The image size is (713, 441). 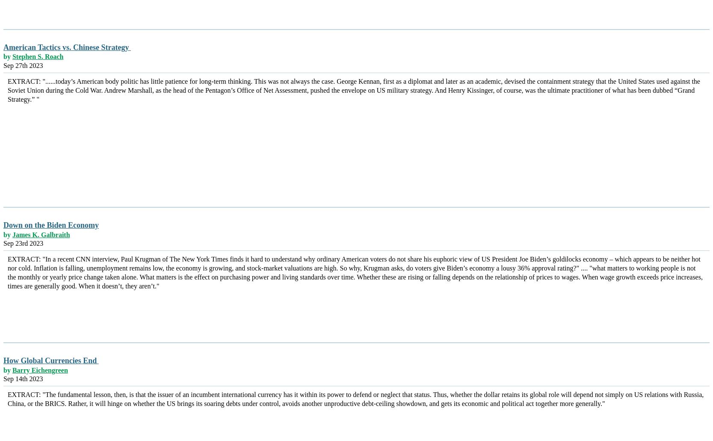 I want to click on 'EXTRACT: "In a recent CNN interview, Paul Krugman of The New York Times finds it hard to understand why ordinary American voters do not share his euphoric view of US President Joe Biden’s goldilocks economy – which appears to be neither hot nor cold. Inflation is falling, unemployment remains low, the economy is growing, and stock-market valuations are high. So why, Krugman asks, do voters give Biden’s economy a lousy 36% approval rating?" .... "what matters to working people is not the monthly or yearly price change taken alone. What matters is the effect on purchasing power and living standards over time. Whether these are rising or falling depends on the relationship of prices to wages. When wage growth exceeds price increases, times are generally good. When it doesn’t, they aren’t."', so click(x=8, y=272).